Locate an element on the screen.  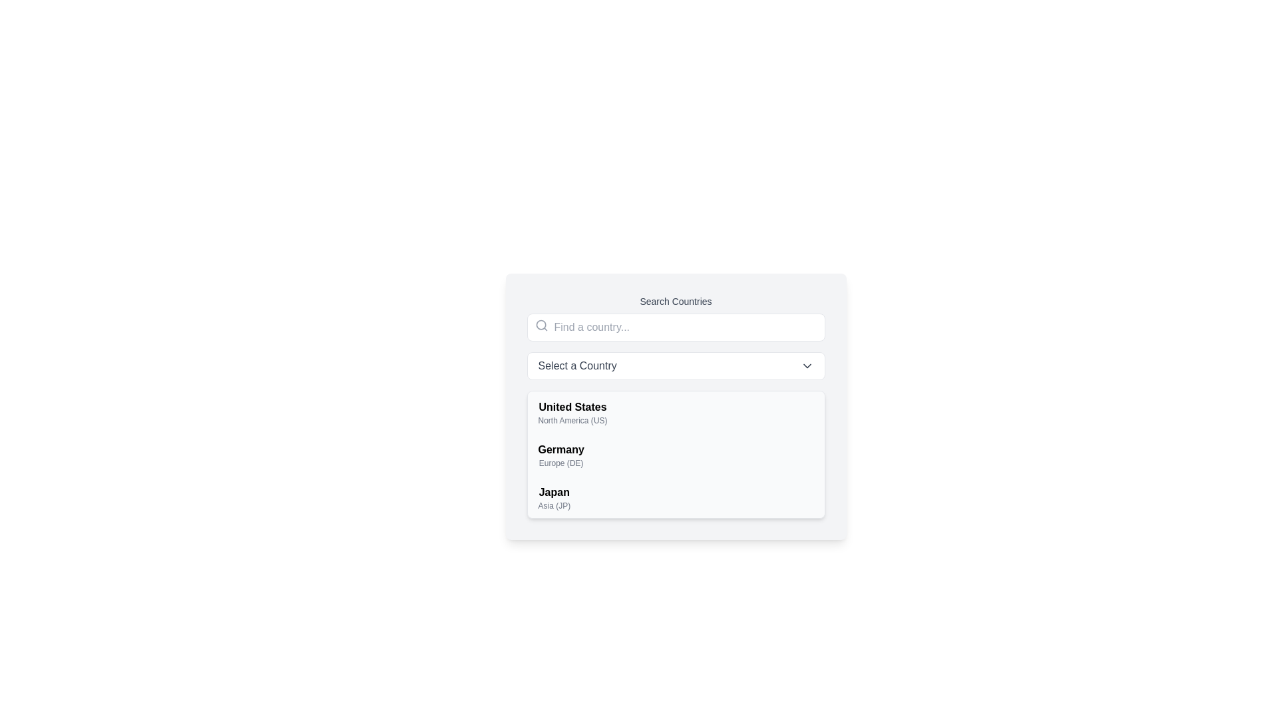
the selectable list item for 'Japan' to change its background, which is the third entry in the list of country options under the title 'Search Countries' is located at coordinates (676, 498).